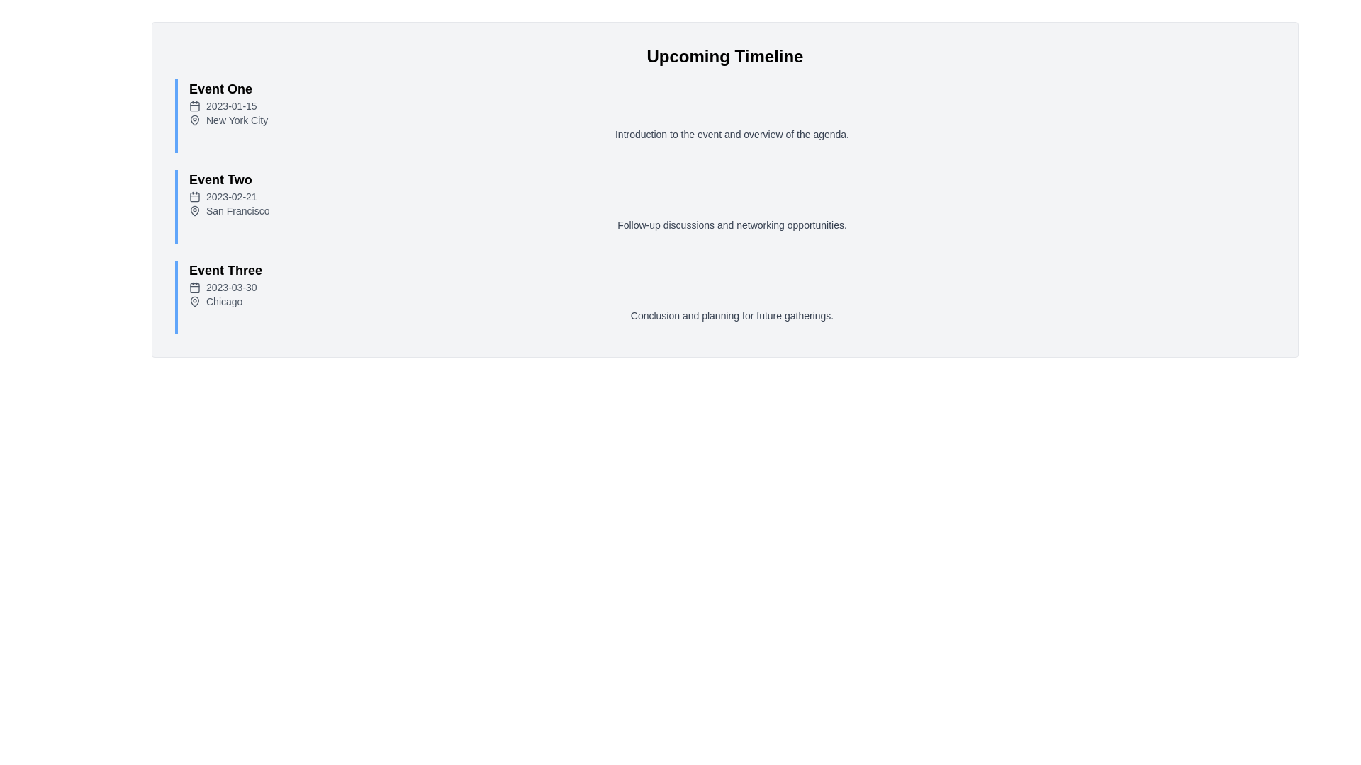 This screenshot has width=1361, height=765. Describe the element at coordinates (194, 196) in the screenshot. I see `the calendar icon located to the left of the date text '2023-02-21' in the 'Event Two' section` at that location.